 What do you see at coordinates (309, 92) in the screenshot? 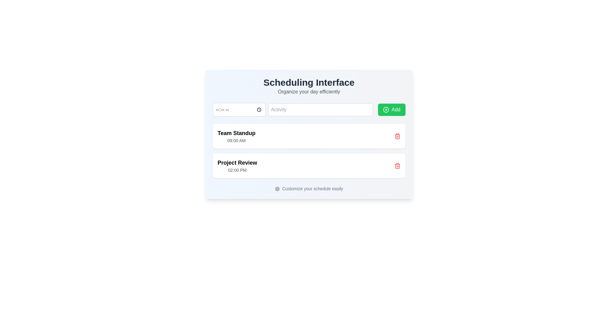
I see `the text label providing a brief description beneath the title 'Scheduling Interface'` at bounding box center [309, 92].